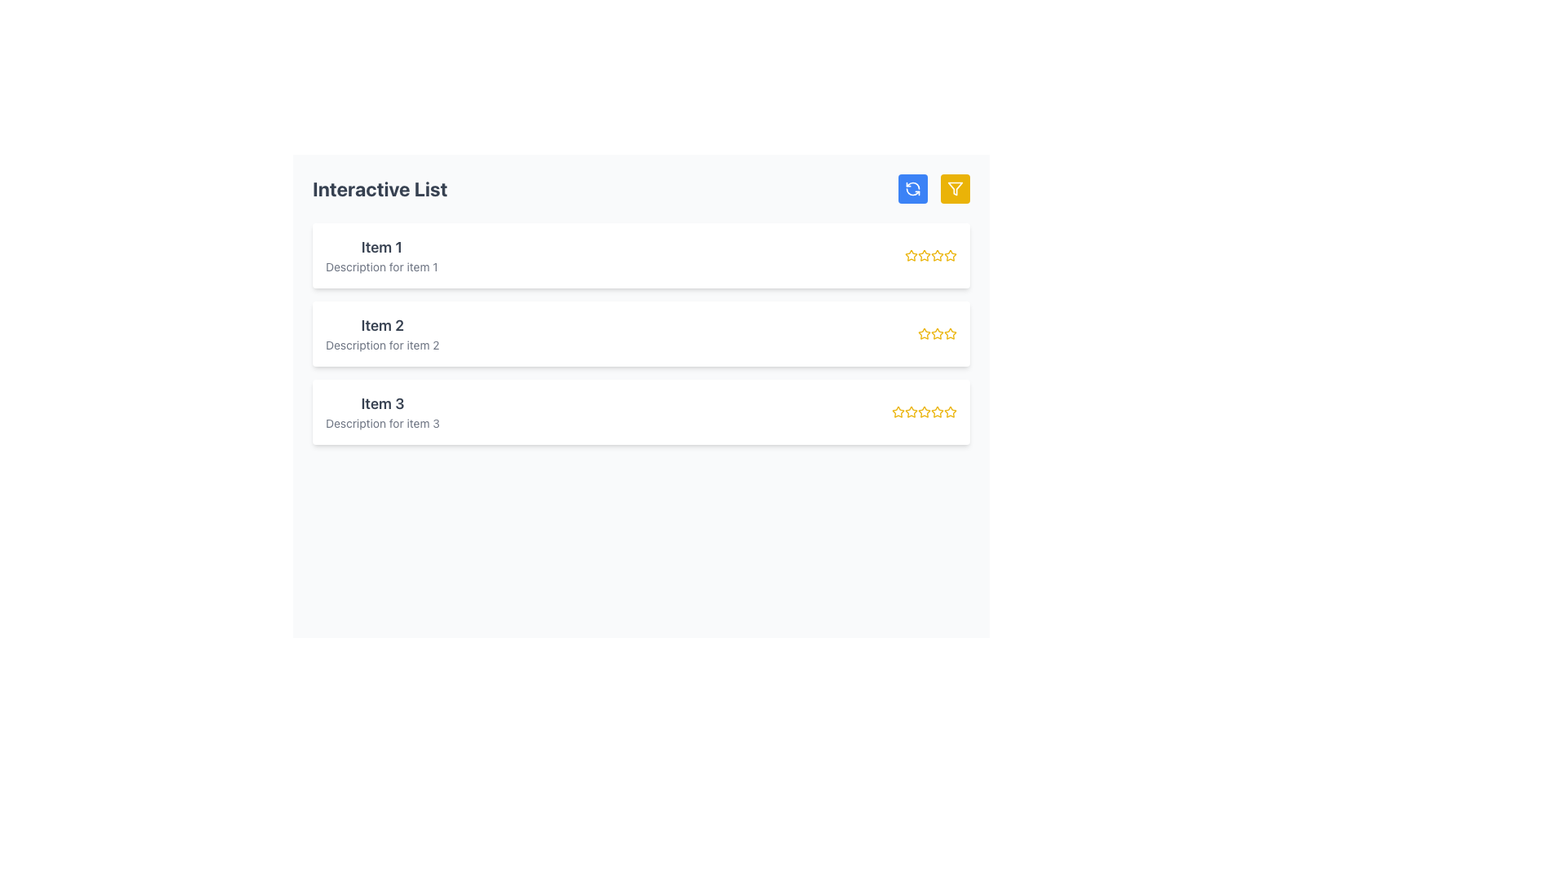 Image resolution: width=1564 pixels, height=880 pixels. Describe the element at coordinates (955, 187) in the screenshot. I see `the SVG icon within the yellow rectangular button located in the upper-right corner of the interface` at that location.